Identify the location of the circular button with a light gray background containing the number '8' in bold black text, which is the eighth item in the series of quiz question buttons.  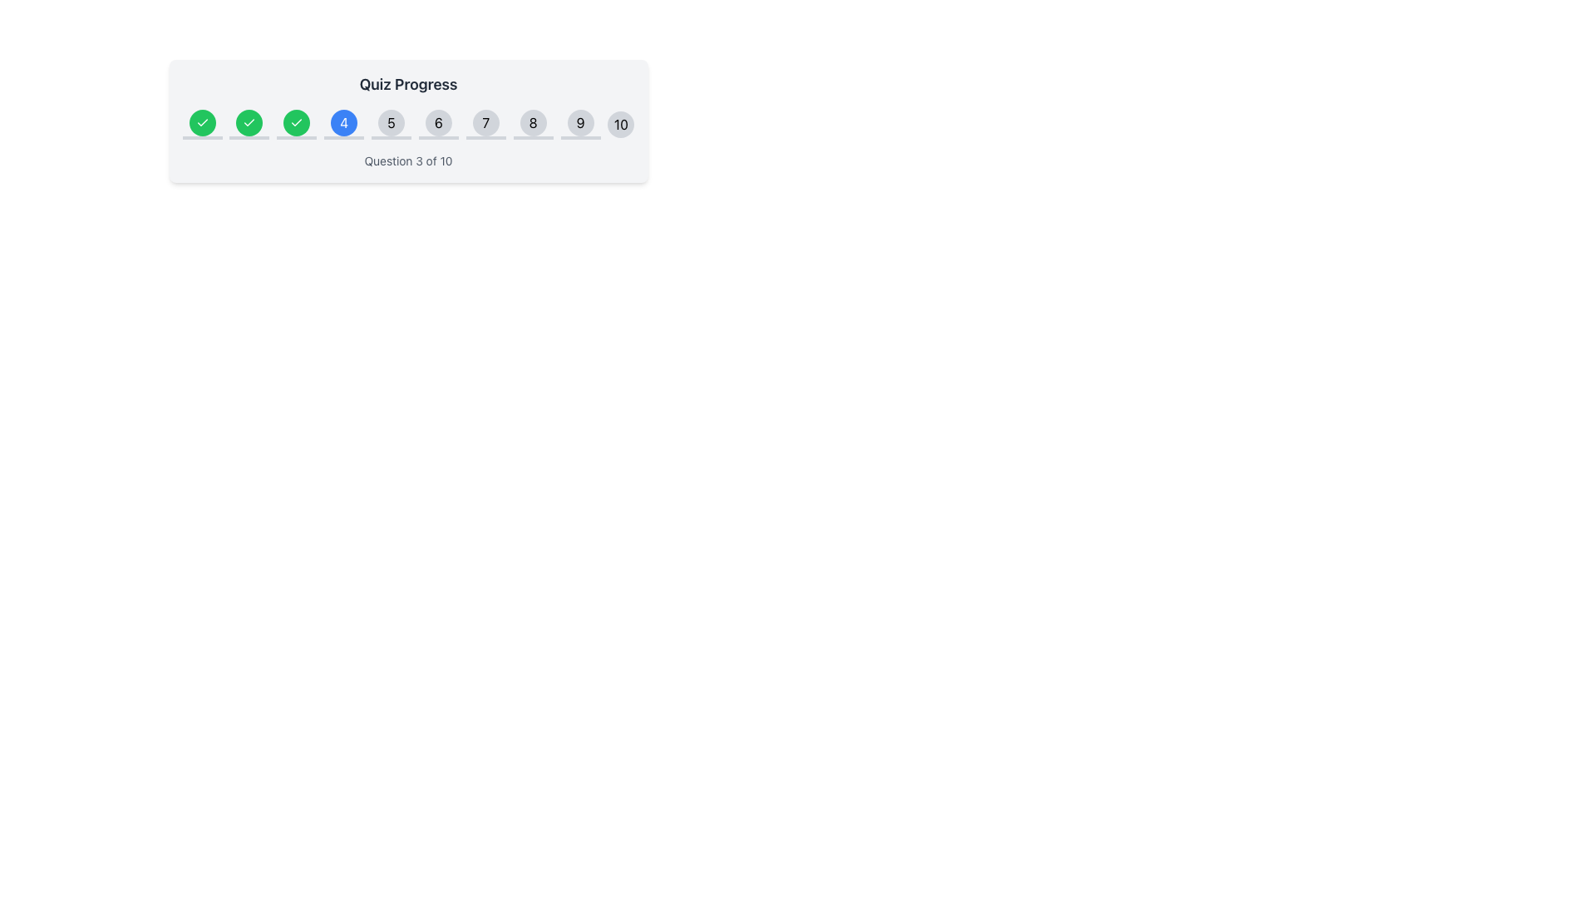
(533, 121).